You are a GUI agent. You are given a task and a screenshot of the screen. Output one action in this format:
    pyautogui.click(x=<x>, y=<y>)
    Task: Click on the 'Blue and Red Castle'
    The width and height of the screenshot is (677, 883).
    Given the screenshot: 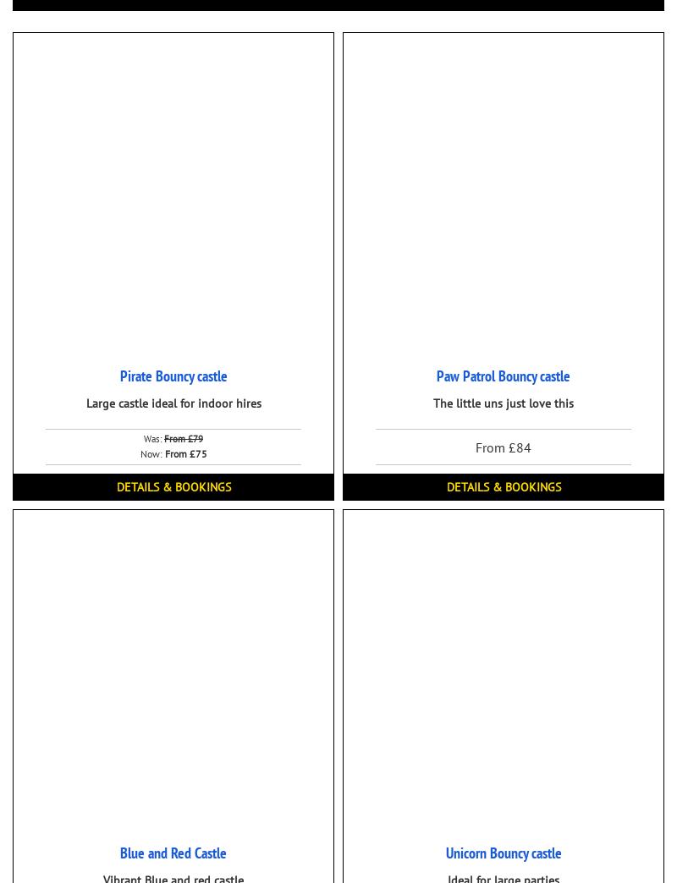 What is the action you would take?
    pyautogui.click(x=173, y=853)
    